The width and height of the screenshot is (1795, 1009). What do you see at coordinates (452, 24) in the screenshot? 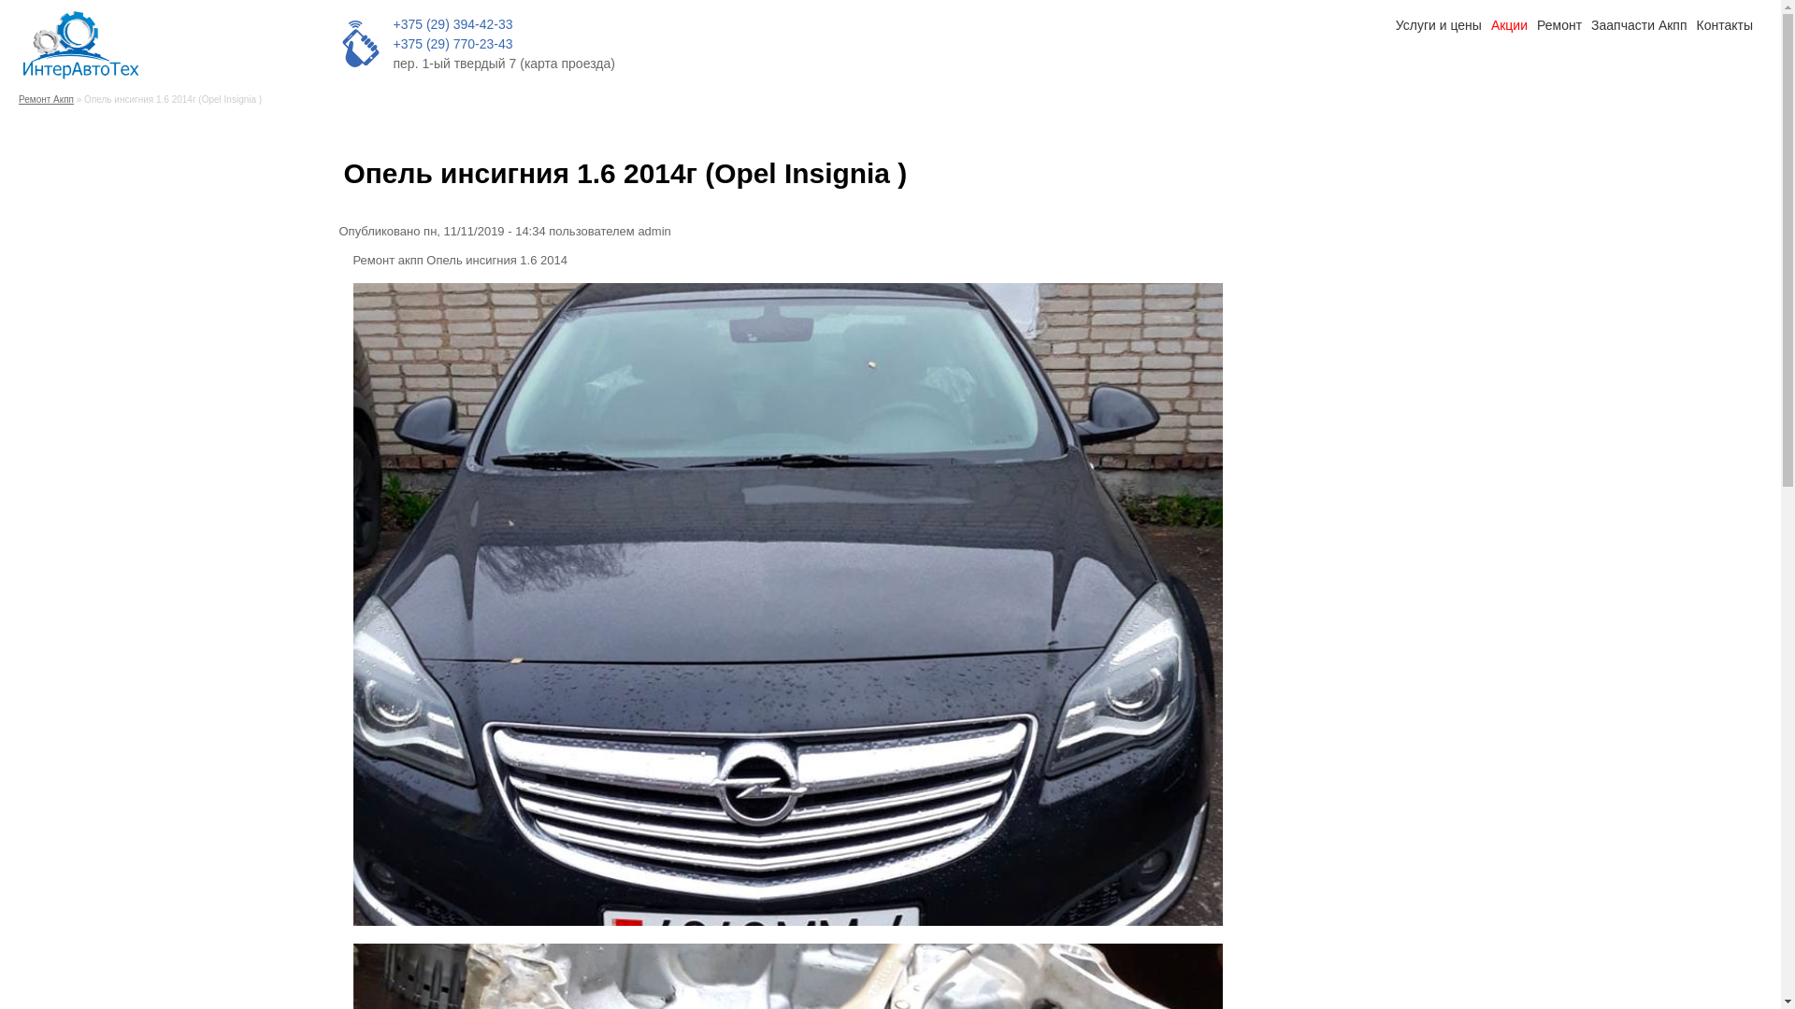
I see `'+375 (29) 394-42-33'` at bounding box center [452, 24].